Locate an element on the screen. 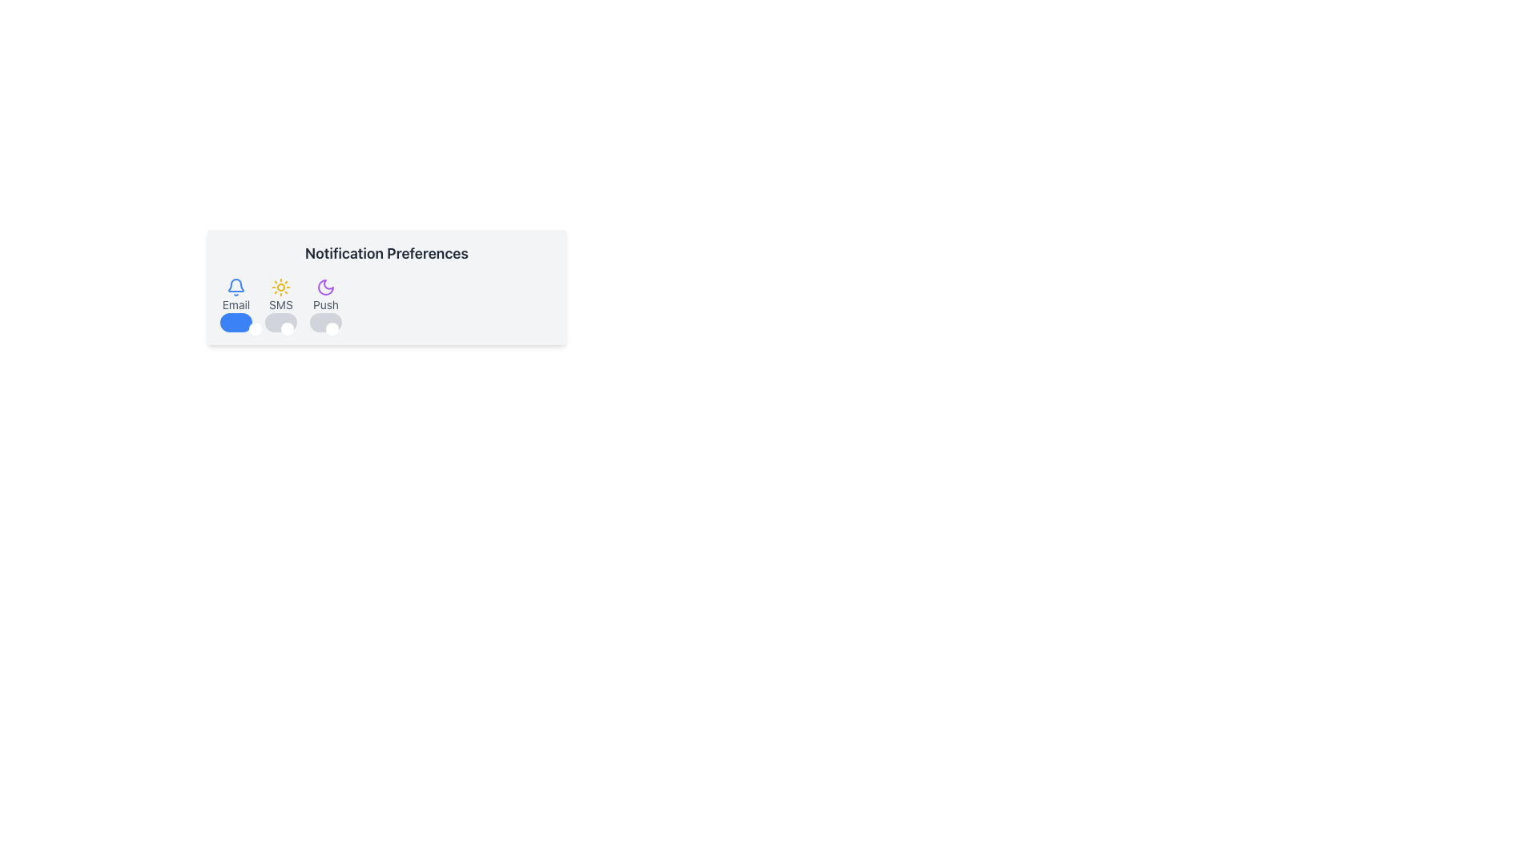  the 'Email' notification icon located above the label 'Email' within the notification preferences card is located at coordinates (235, 286).